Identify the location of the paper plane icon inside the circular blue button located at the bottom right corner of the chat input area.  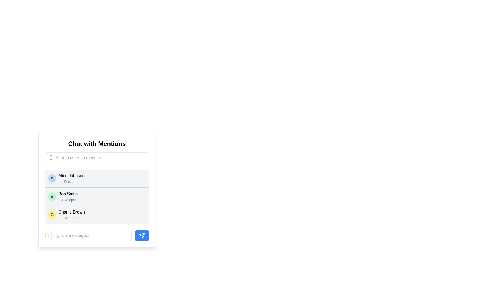
(142, 235).